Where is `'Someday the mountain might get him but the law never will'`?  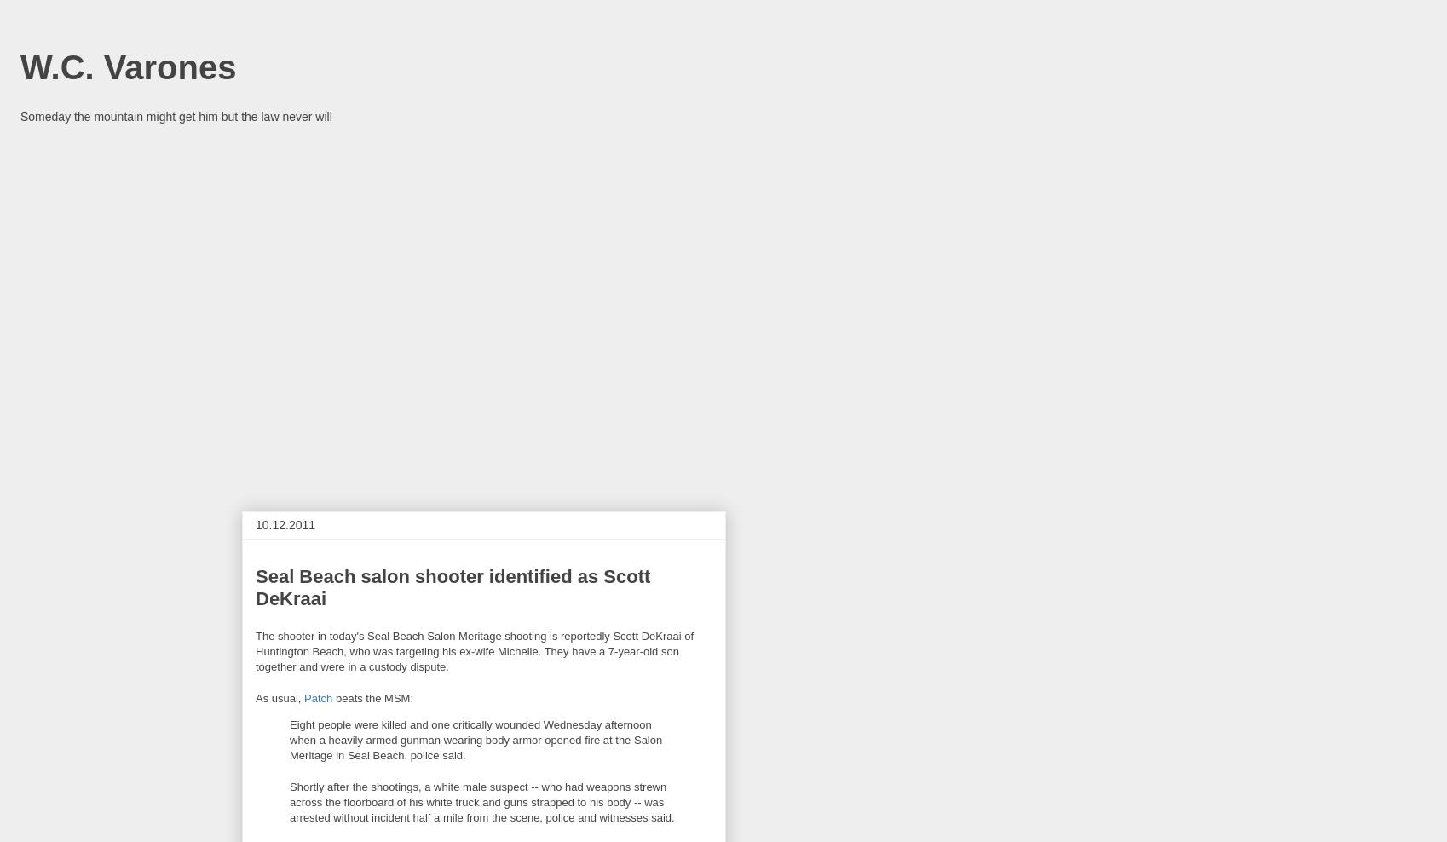 'Someday the mountain might get him but the law never will' is located at coordinates (176, 115).